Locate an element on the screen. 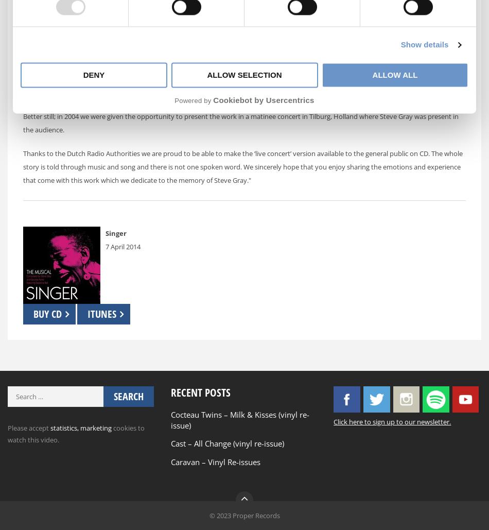 The width and height of the screenshot is (489, 530). 'iTunes' is located at coordinates (101, 313).